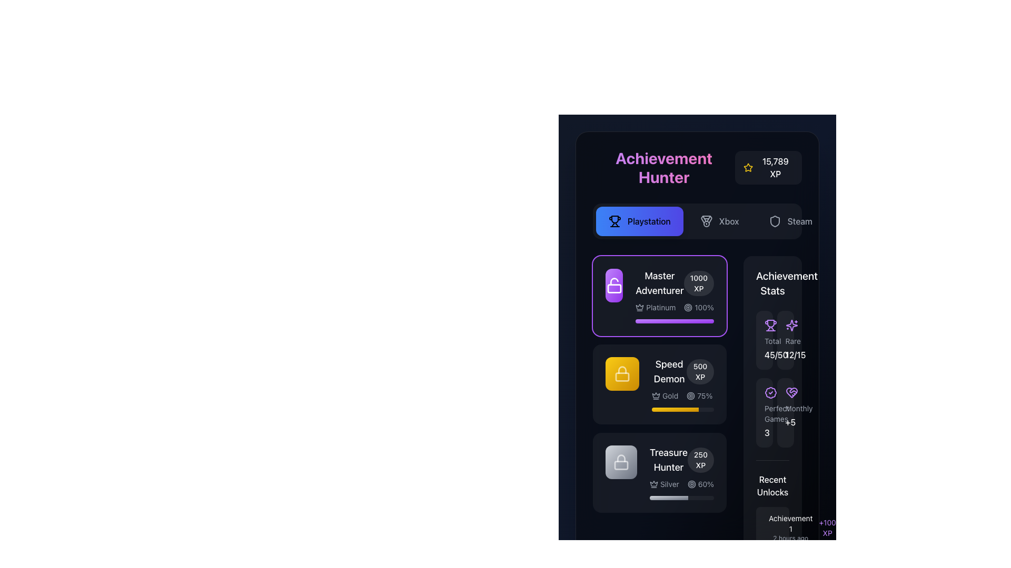  I want to click on the 'Speed Demon' text label, which is positioned in the middle section of the interface, serving as an identifier for a specific section or achievement, so click(669, 371).